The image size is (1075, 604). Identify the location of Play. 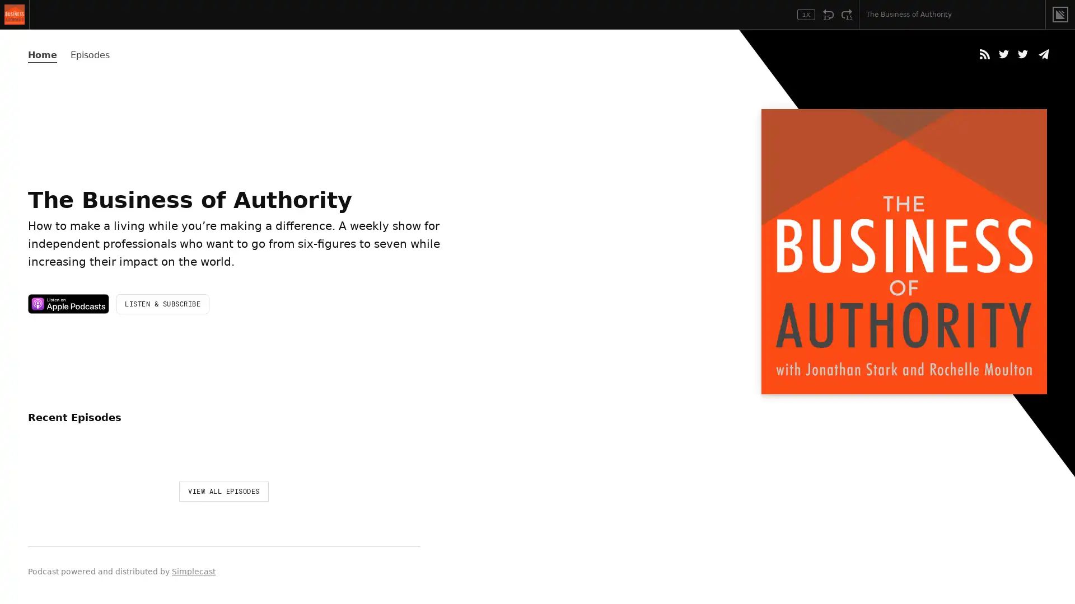
(41, 464).